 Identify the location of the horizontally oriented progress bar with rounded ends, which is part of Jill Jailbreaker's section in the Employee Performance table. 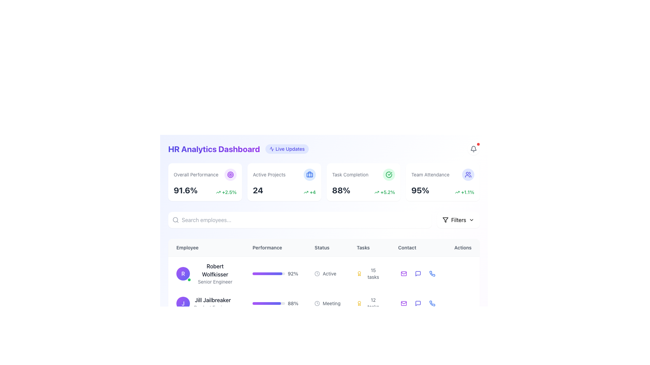
(266, 303).